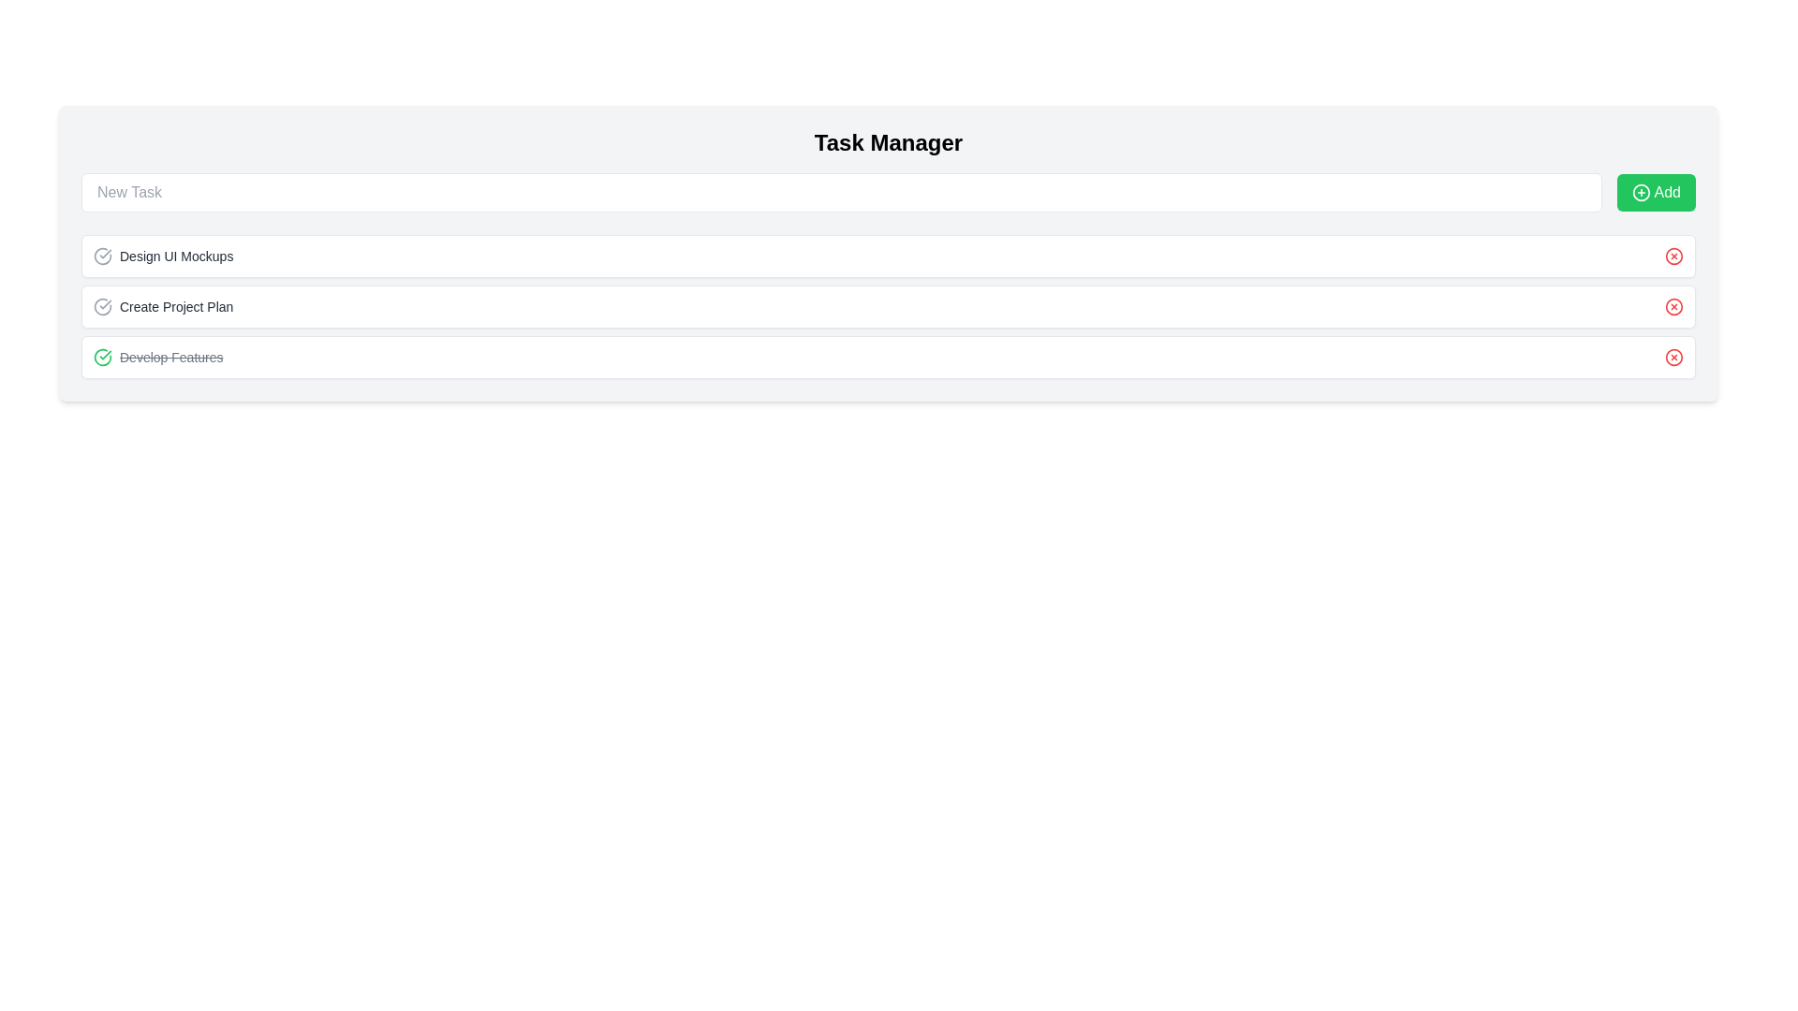  What do you see at coordinates (1674, 305) in the screenshot?
I see `the circular outline of the 'X' icon, which is part of the delete button for the third list item in the task list interface` at bounding box center [1674, 305].